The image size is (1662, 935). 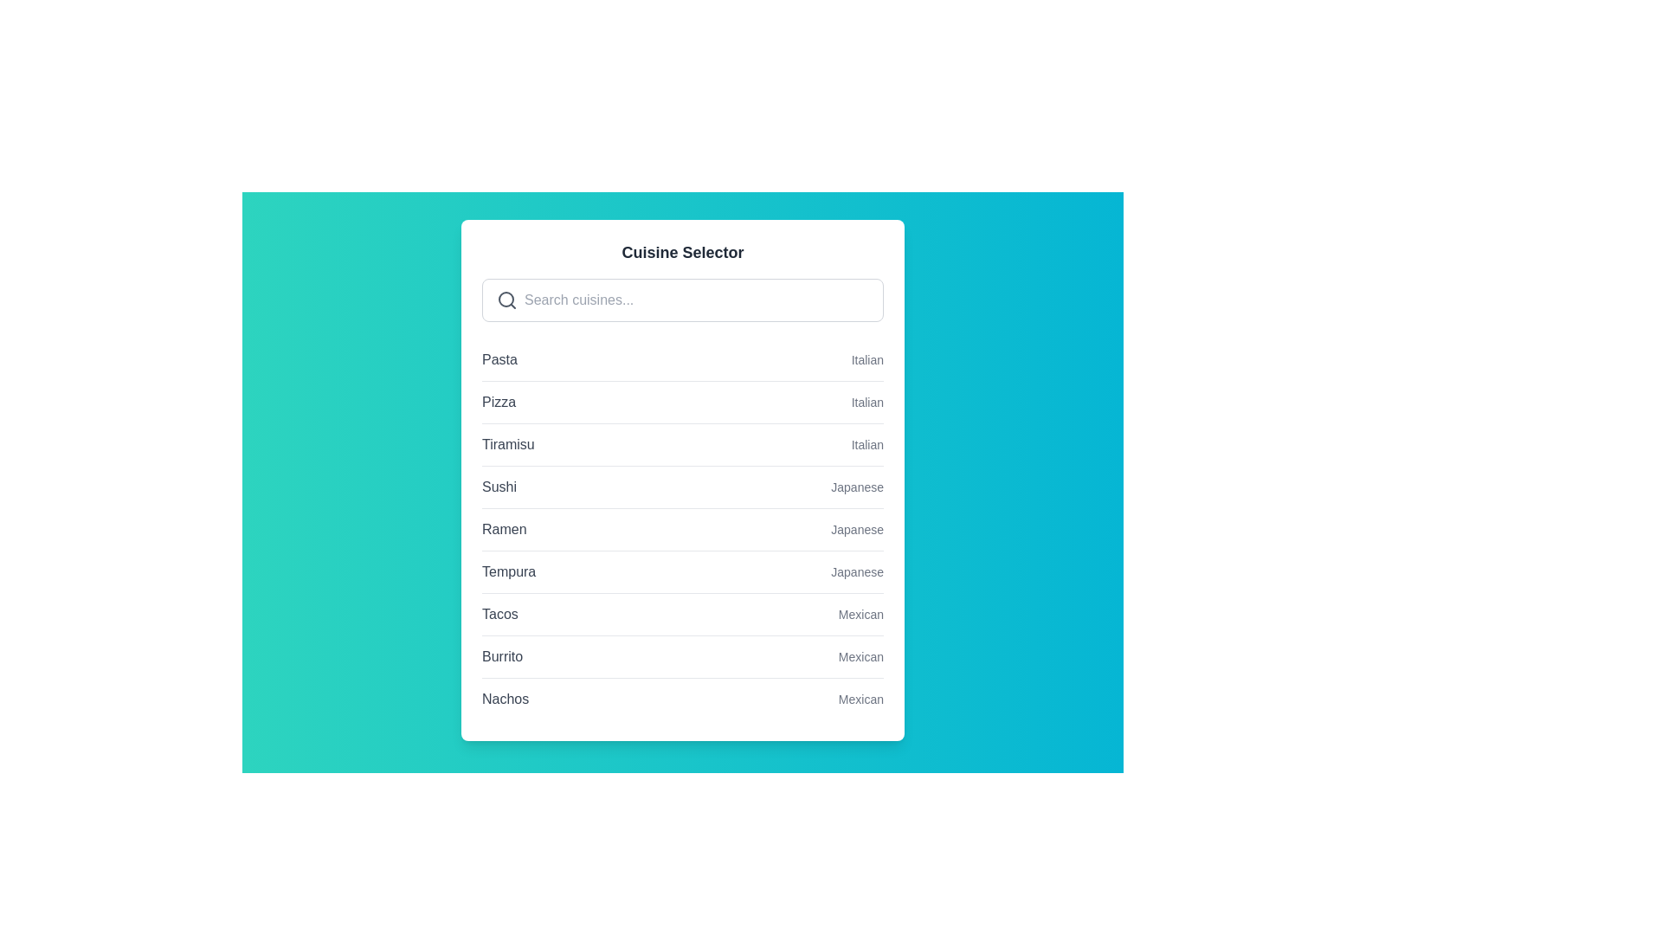 I want to click on the text label reading 'Italian', which is styled with a small font size and gray color, located in the second row of the cuisine items list, in the right column next to the 'Pizza' label, so click(x=867, y=403).